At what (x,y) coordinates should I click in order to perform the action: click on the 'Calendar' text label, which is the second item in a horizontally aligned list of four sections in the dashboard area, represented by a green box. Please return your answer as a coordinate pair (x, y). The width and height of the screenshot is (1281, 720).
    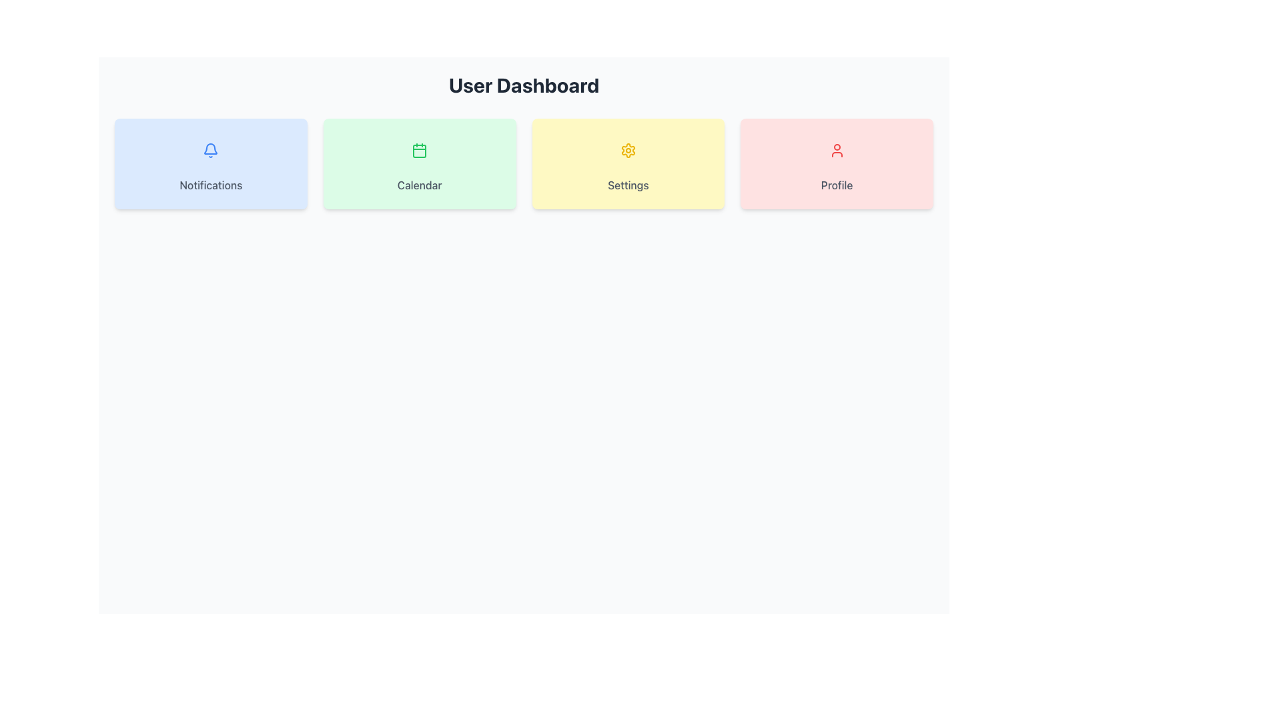
    Looking at the image, I should click on (419, 185).